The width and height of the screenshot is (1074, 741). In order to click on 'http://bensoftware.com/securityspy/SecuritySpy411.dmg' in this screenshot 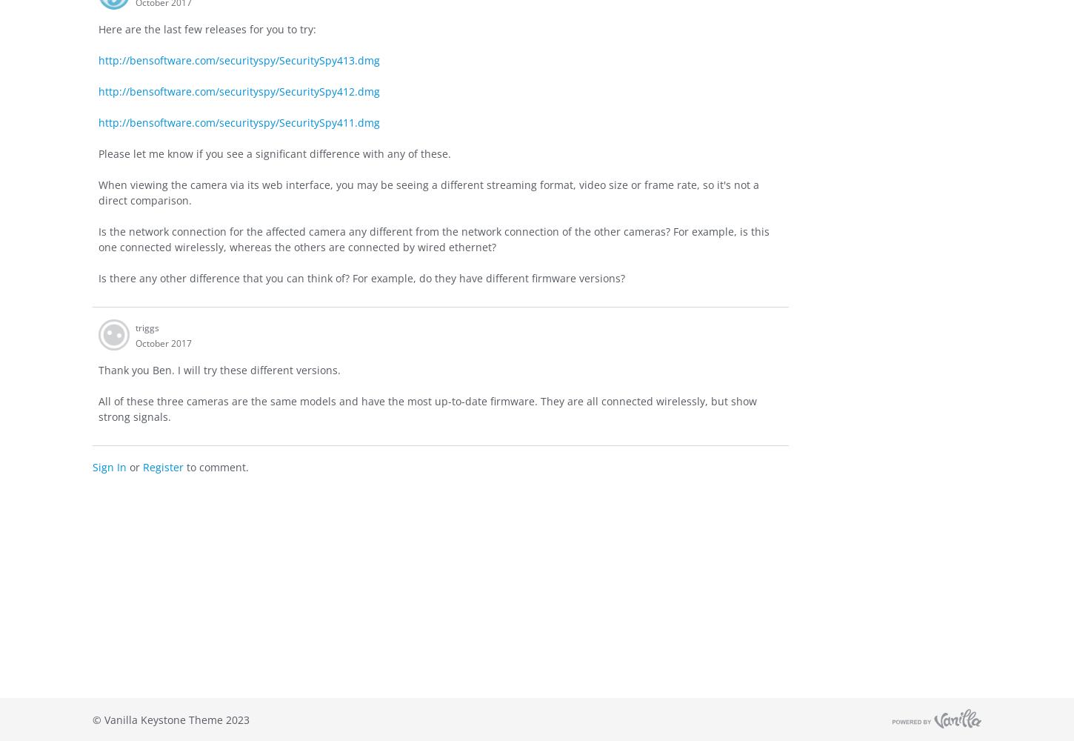, I will do `click(239, 122)`.